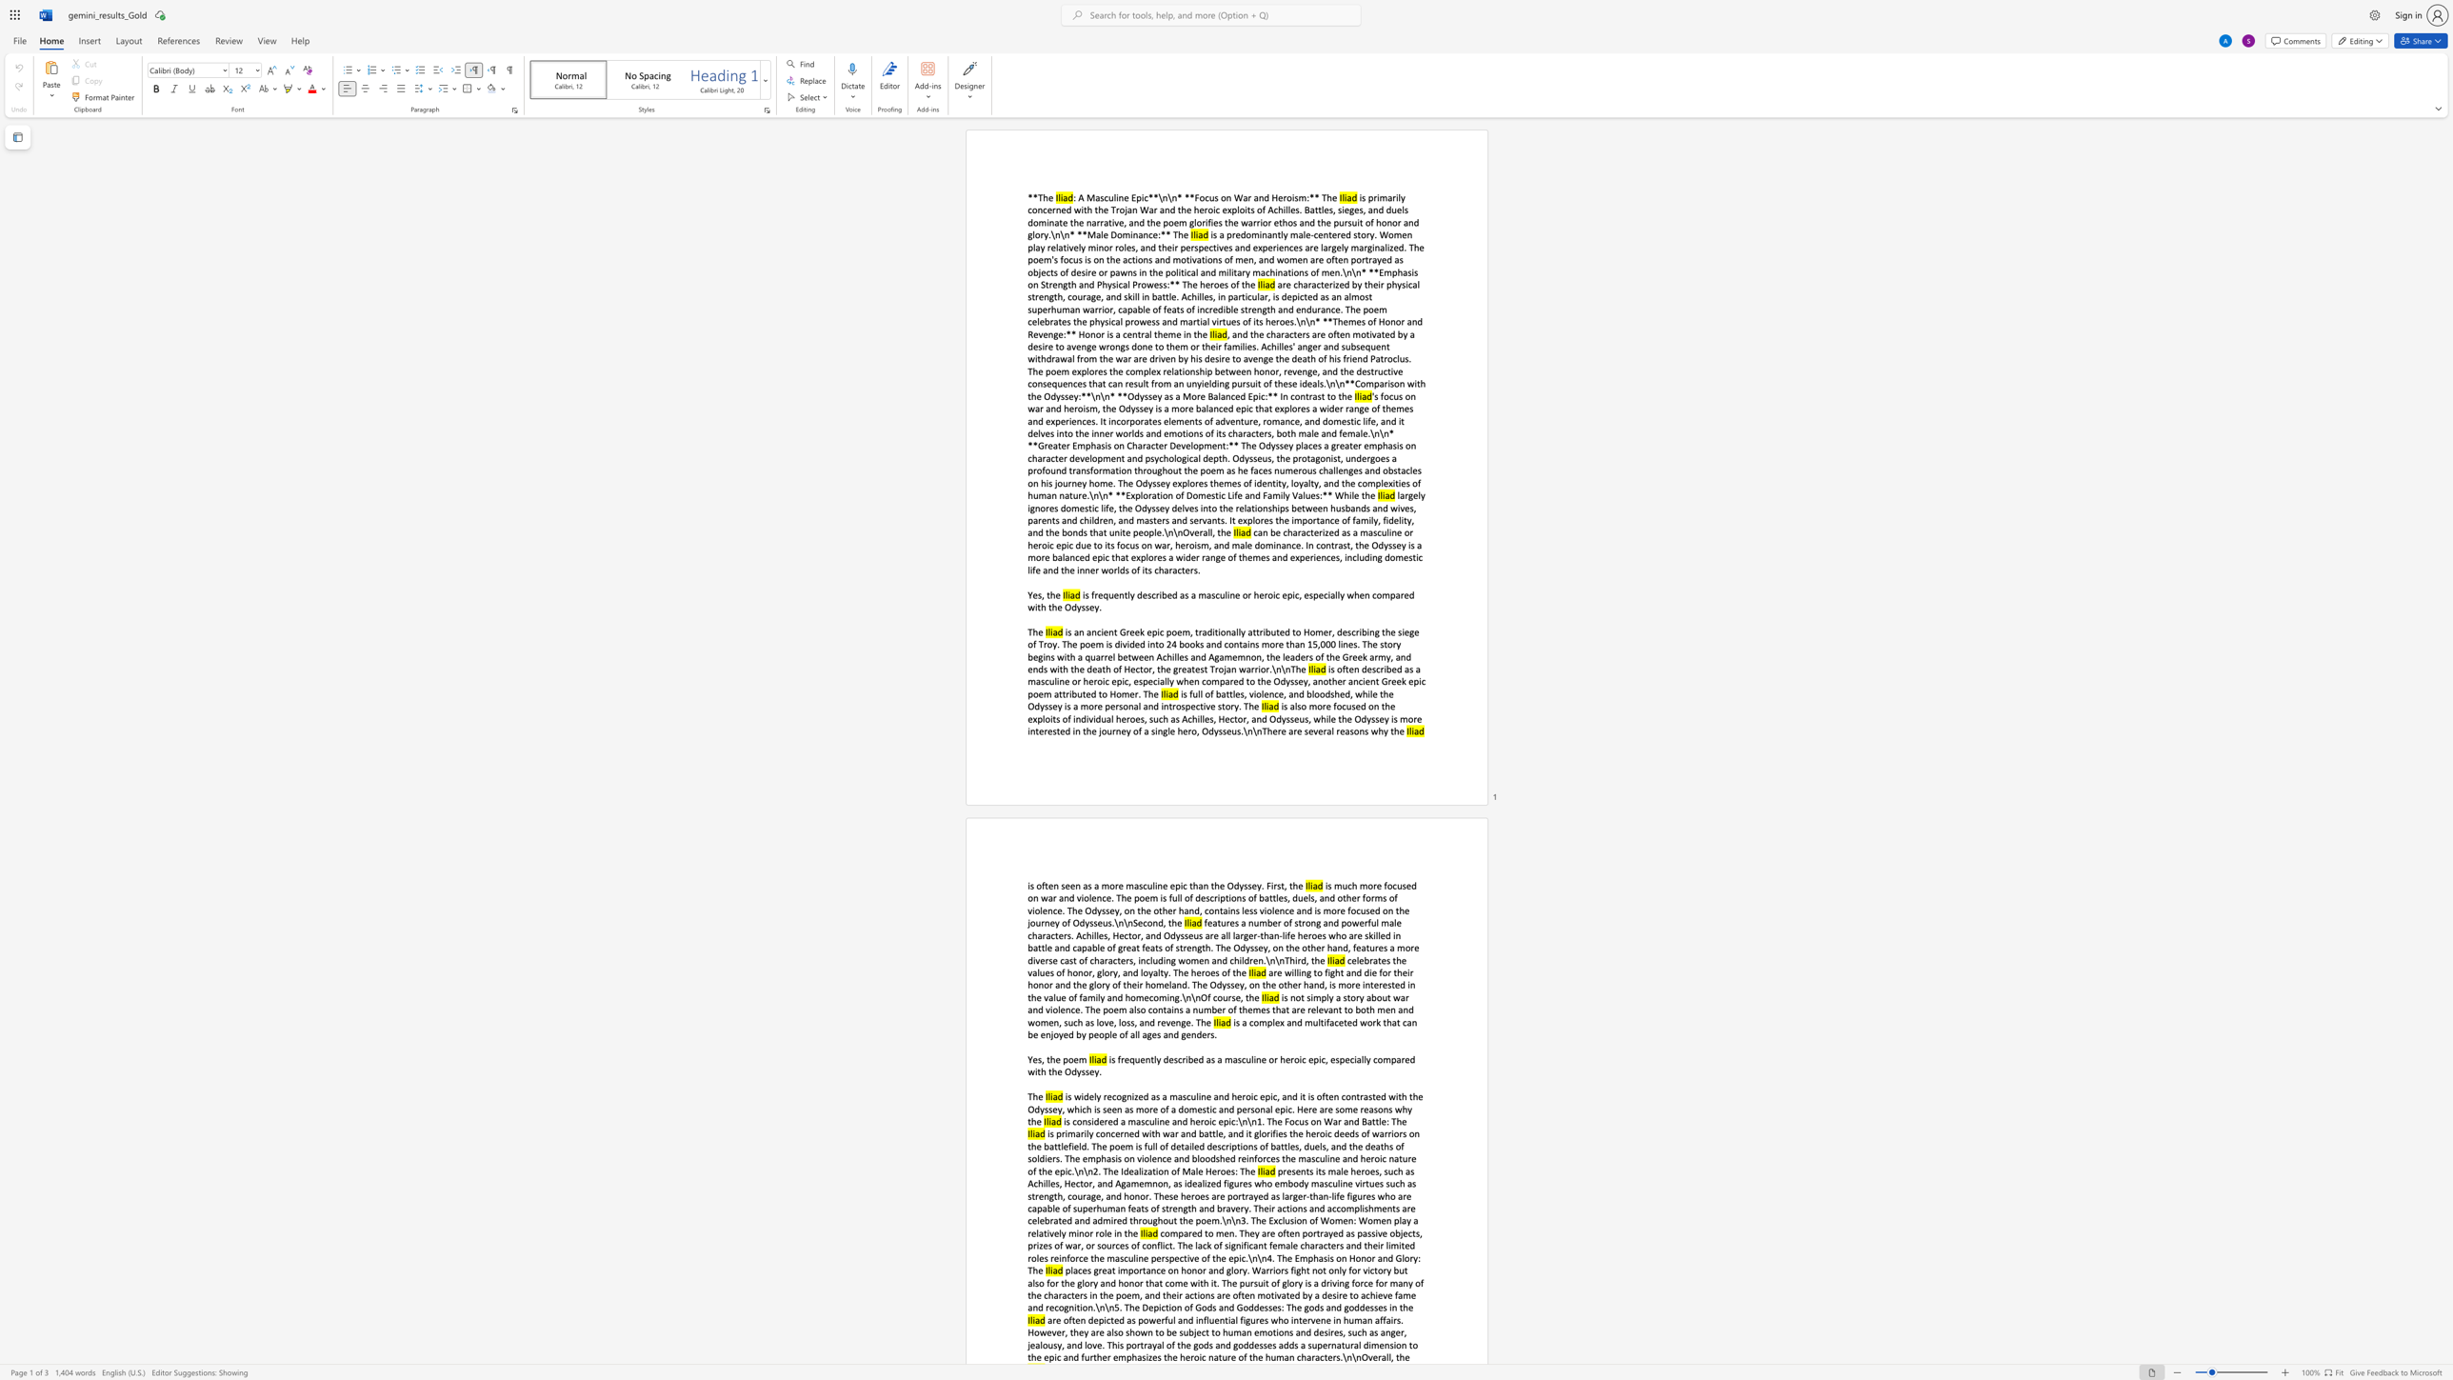 This screenshot has width=2453, height=1380. Describe the element at coordinates (1400, 1208) in the screenshot. I see `the subset text "are celebrated and admired throughout the" within the text "presents its male heroes, such as Achilles, Hector, and Agamemnon, as idealized figures who embody masculine virtues such as strength, courage, and honor. These heroes are portrayed as larger-than-life figures who are capable of superhuman feats of strength and bravery. Their actions and accomplishments are celebrated and admired throughout the poem.\n\n3. The Exclusion of Women: Women play a relatively minor role in the"` at that location.